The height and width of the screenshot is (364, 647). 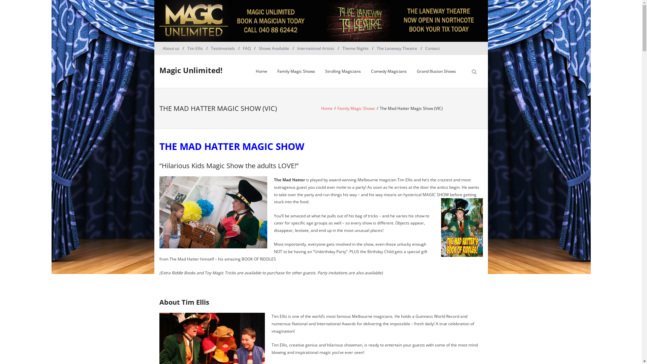 What do you see at coordinates (255, 48) in the screenshot?
I see `'Shows Available'` at bounding box center [255, 48].